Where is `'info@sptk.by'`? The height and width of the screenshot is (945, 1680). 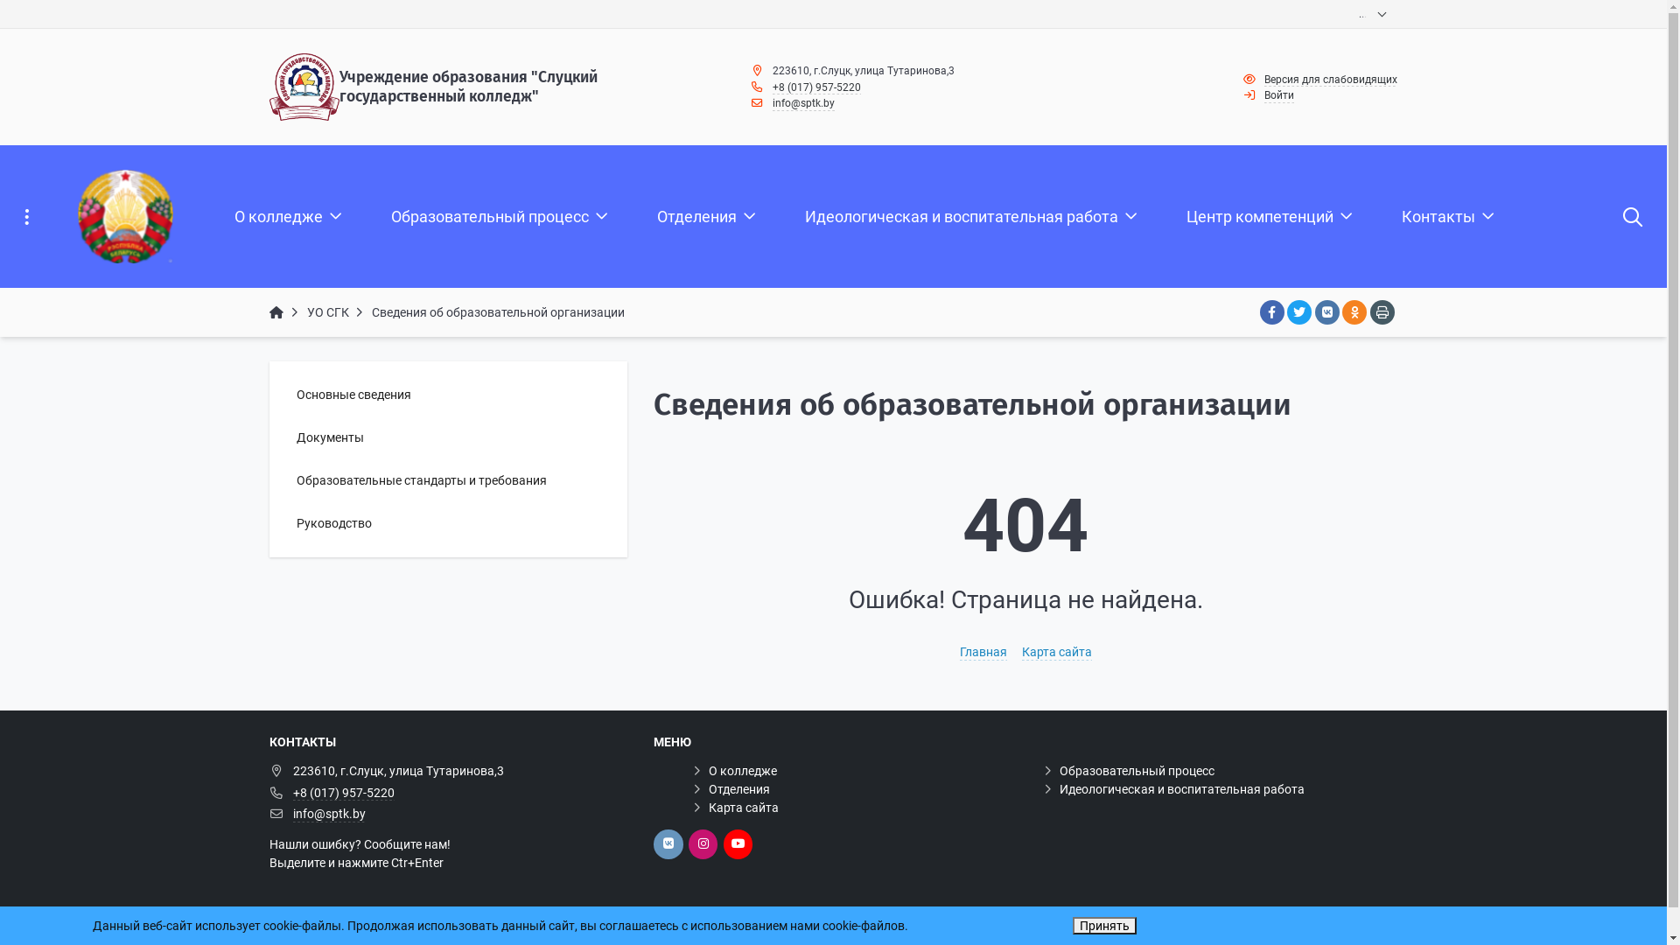
'info@sptk.by' is located at coordinates (329, 814).